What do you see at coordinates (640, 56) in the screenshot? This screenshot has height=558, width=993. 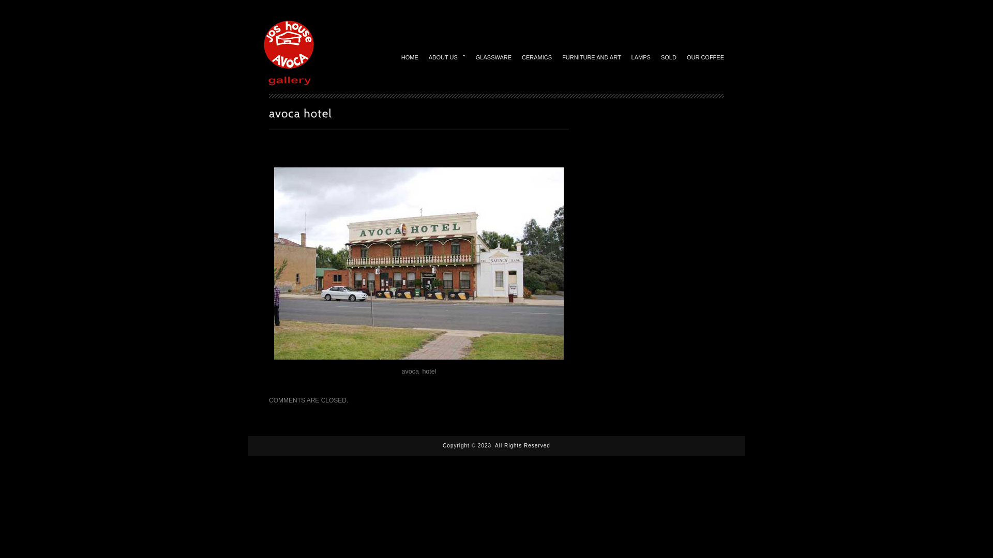 I see `'LAMPS'` at bounding box center [640, 56].